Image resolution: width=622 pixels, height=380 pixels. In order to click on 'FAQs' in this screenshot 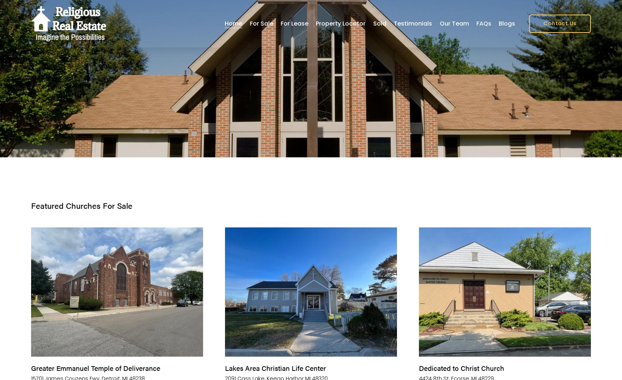, I will do `click(484, 23)`.